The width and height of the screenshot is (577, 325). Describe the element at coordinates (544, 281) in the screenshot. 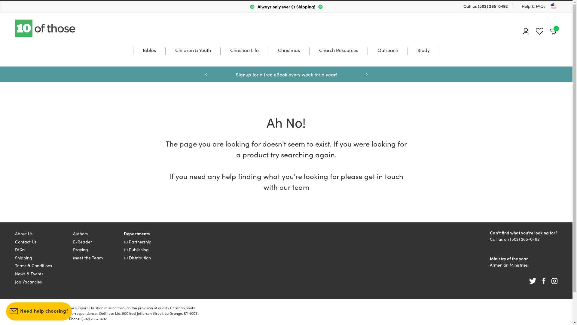

I see `'Facebook'` at that location.